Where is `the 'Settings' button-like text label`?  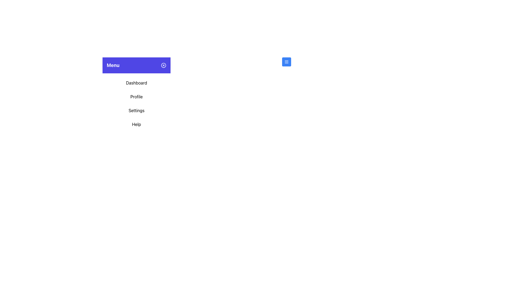 the 'Settings' button-like text label is located at coordinates (136, 110).